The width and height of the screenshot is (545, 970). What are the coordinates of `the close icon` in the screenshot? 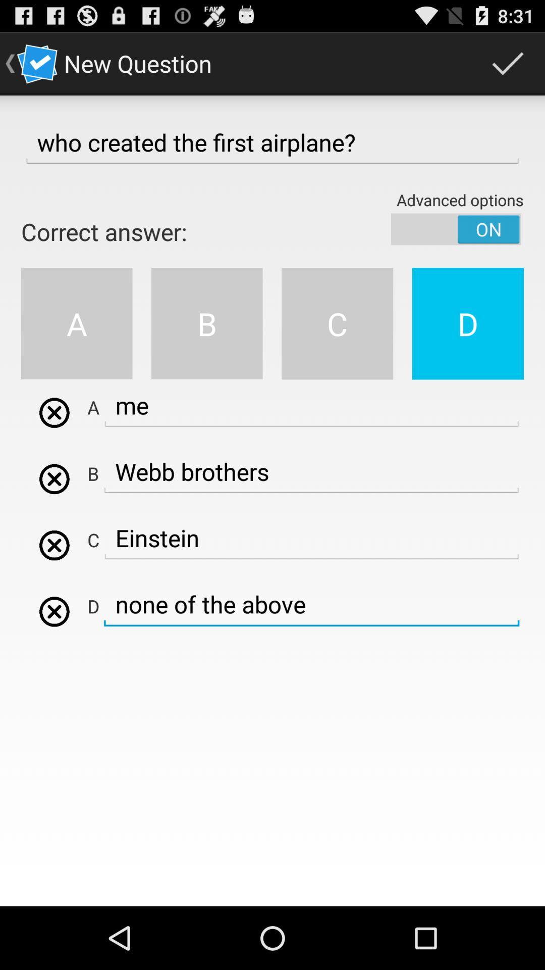 It's located at (54, 512).